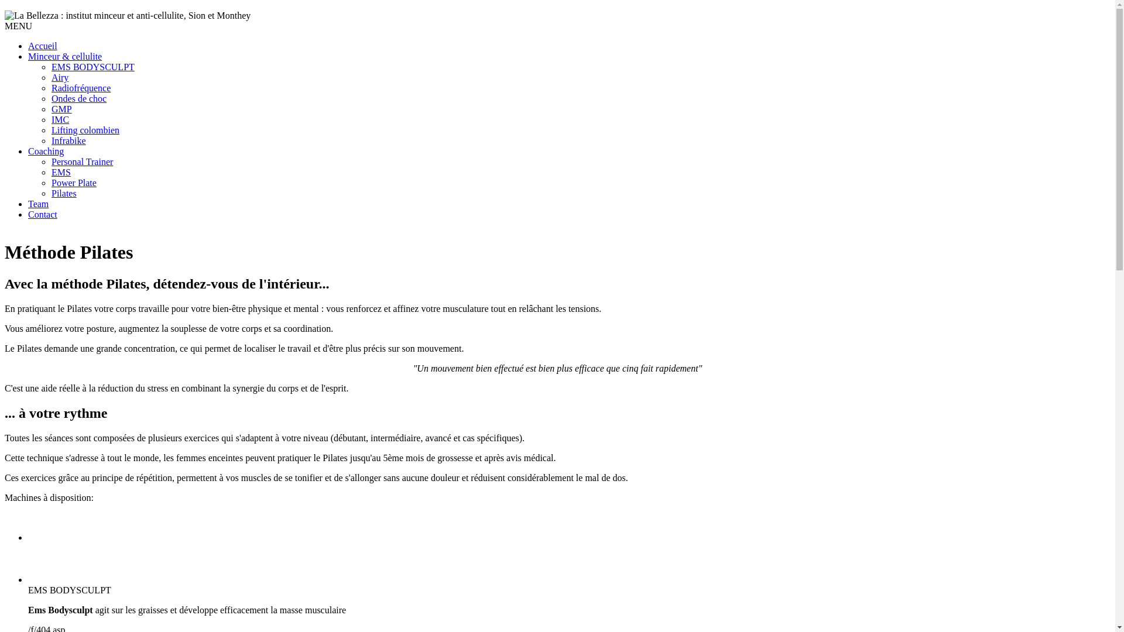 The width and height of the screenshot is (1124, 632). Describe the element at coordinates (46, 150) in the screenshot. I see `'Coaching'` at that location.